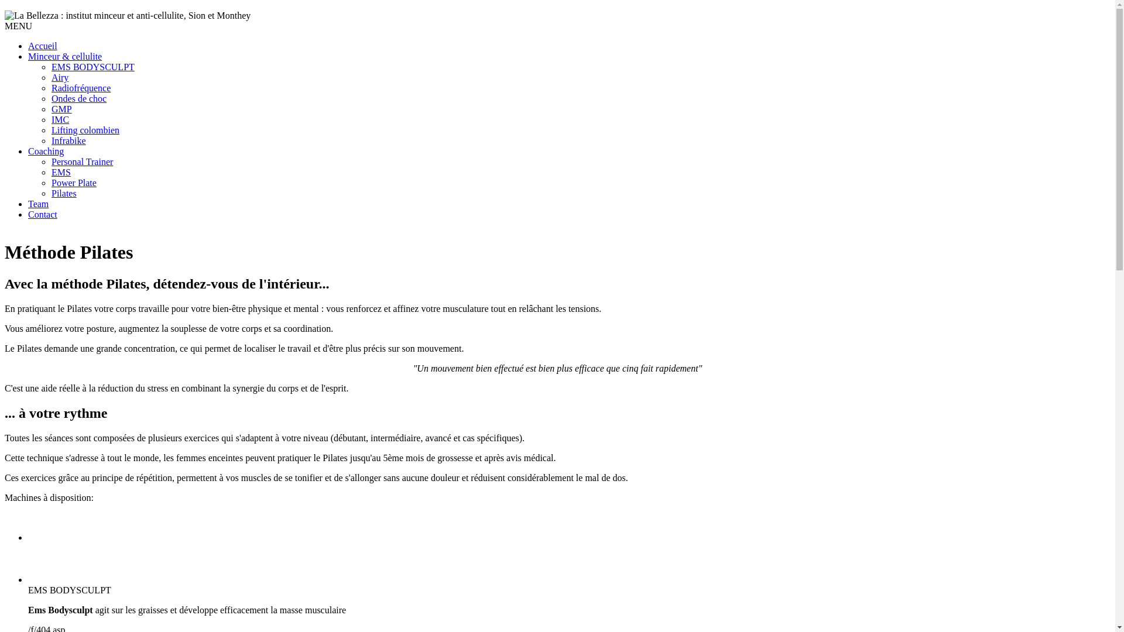 The width and height of the screenshot is (1124, 632). Describe the element at coordinates (46, 150) in the screenshot. I see `'Coaching'` at that location.